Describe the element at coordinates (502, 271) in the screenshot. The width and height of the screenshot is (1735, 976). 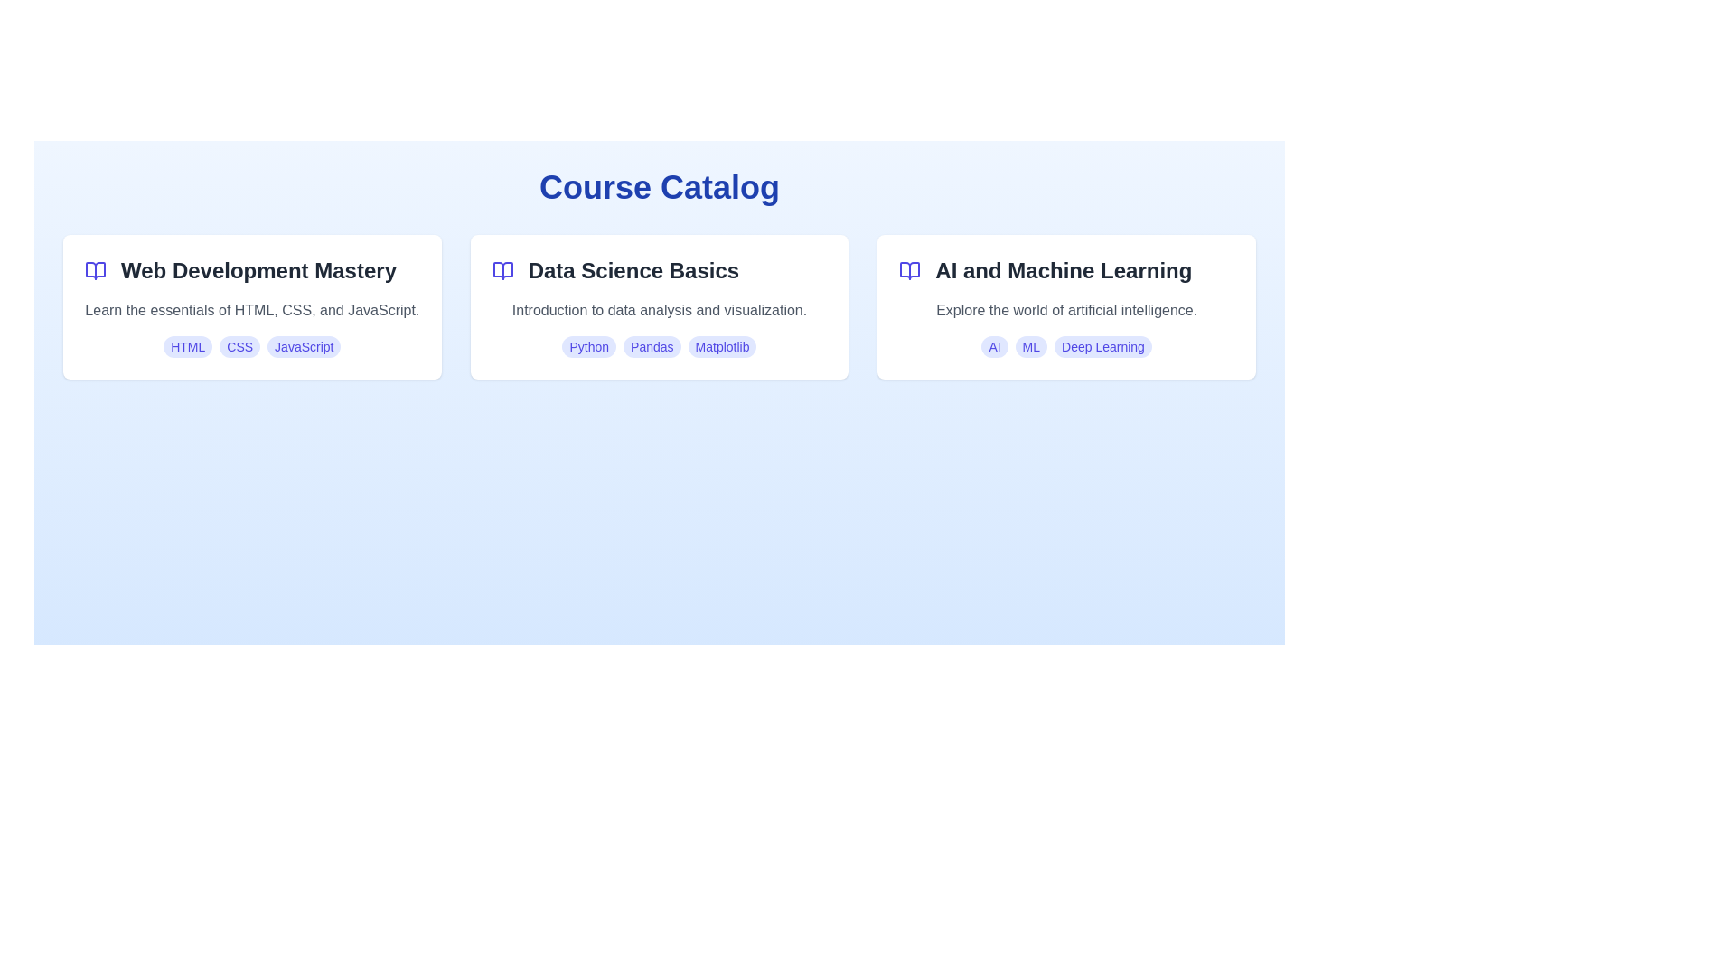
I see `the book icon located on the left side of the 'Data Science Basics' card, positioned at the top and preceding the title text` at that location.